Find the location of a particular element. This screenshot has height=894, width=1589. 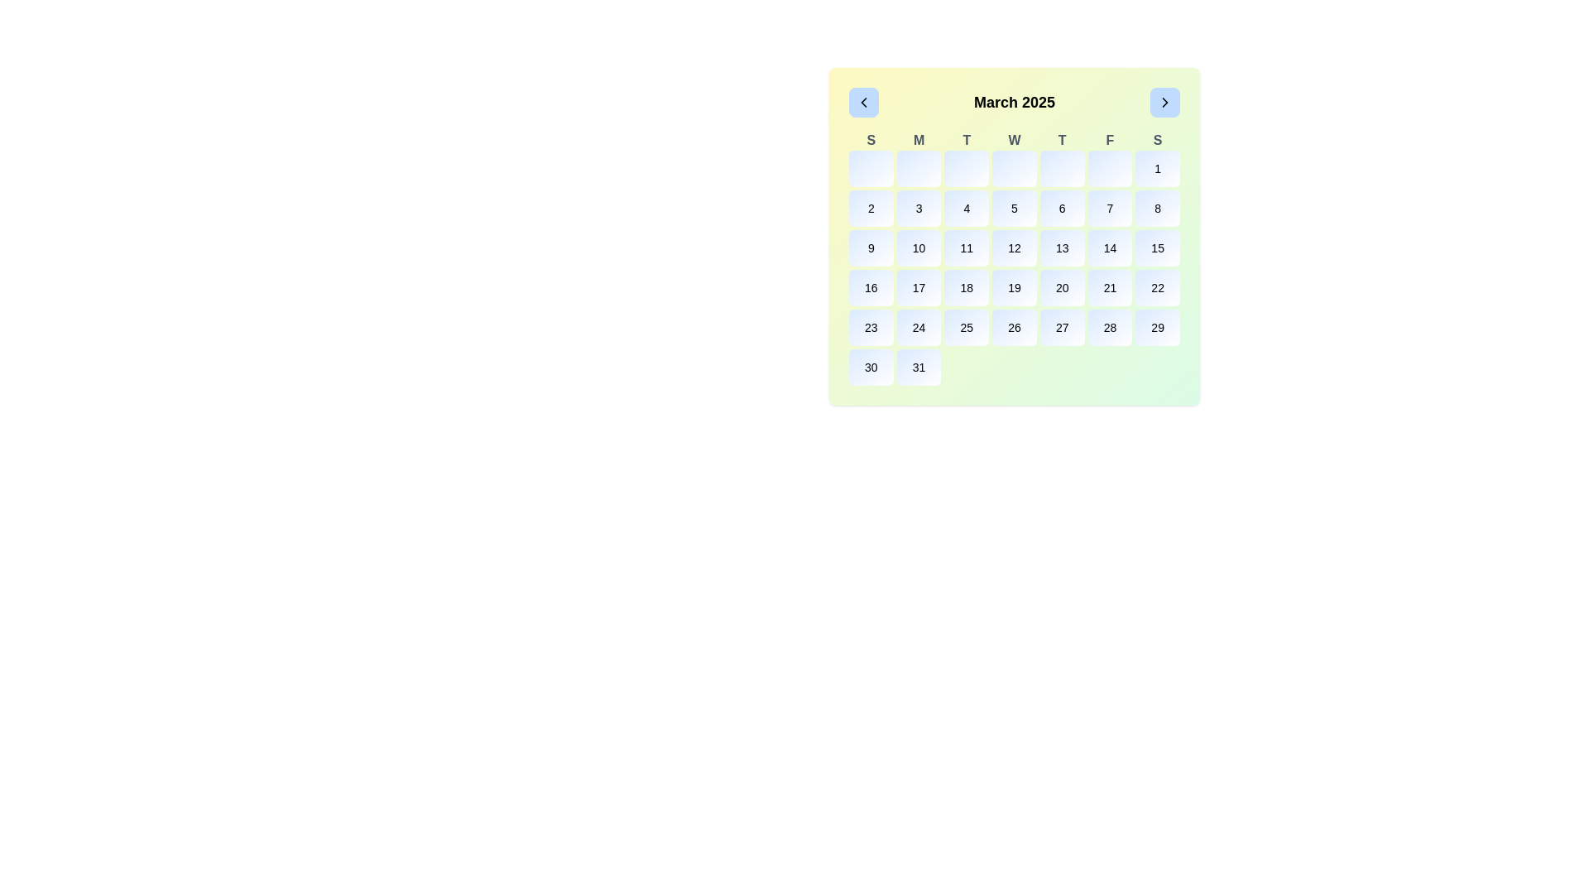

the button displaying '23' in the calendar interface is located at coordinates (870, 328).